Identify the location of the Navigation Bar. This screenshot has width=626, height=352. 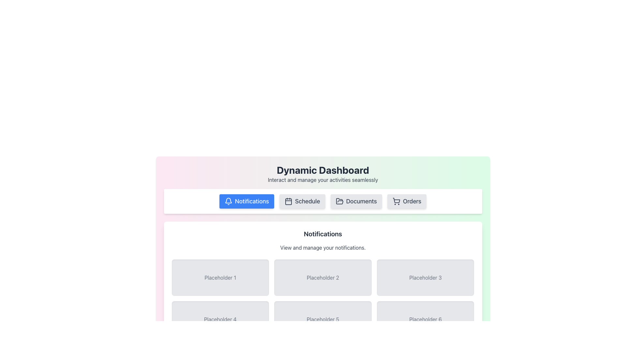
(323, 201).